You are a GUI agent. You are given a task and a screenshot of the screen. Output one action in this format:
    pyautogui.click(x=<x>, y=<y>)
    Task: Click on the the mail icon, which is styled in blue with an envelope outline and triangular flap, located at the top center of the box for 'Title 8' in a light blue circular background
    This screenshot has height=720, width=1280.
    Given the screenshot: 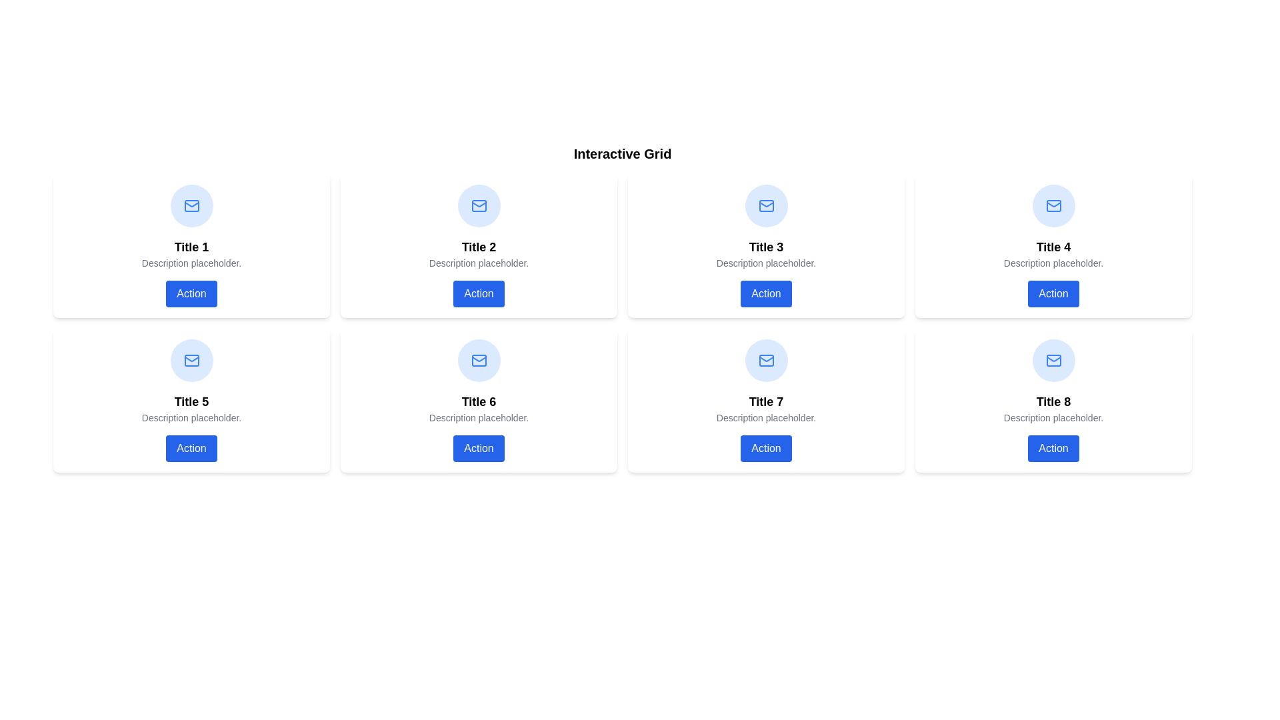 What is the action you would take?
    pyautogui.click(x=1053, y=360)
    